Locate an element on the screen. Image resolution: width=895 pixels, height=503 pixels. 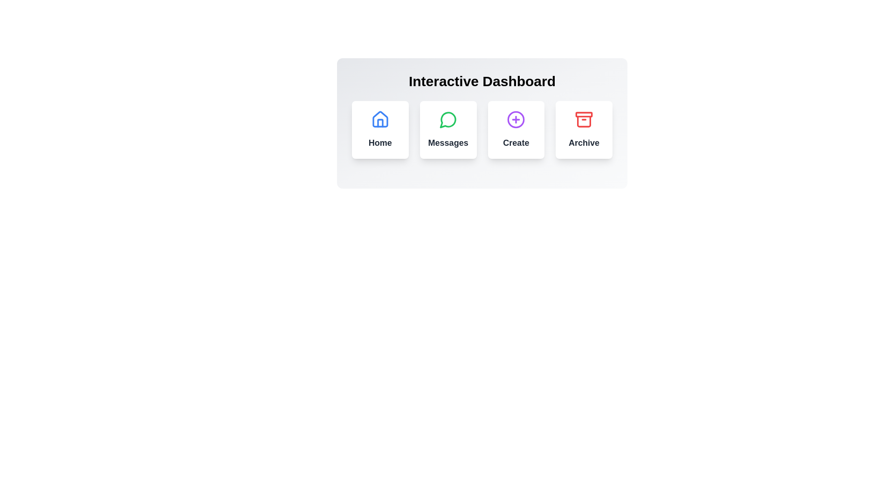
the blue house icon representing the 'Home' section in the dashboard to interpret information is located at coordinates (380, 119).